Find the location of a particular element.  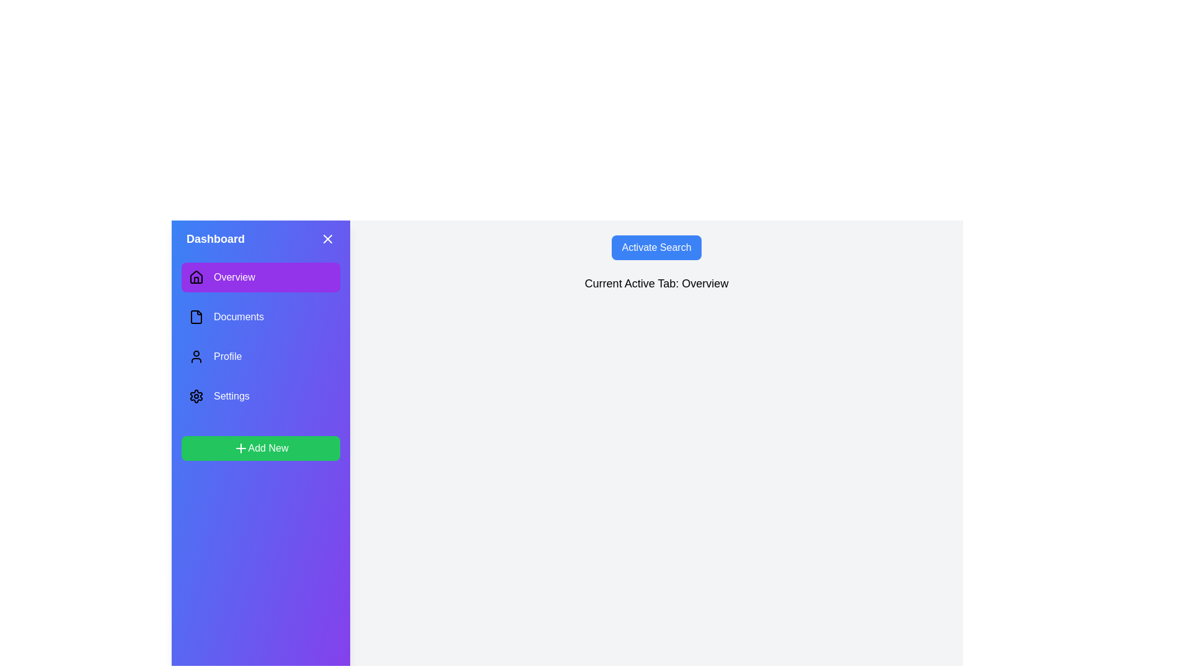

the search button located near the top-center of the central content area, positioned above the text 'Current Active Tab: Overview' is located at coordinates (656, 248).